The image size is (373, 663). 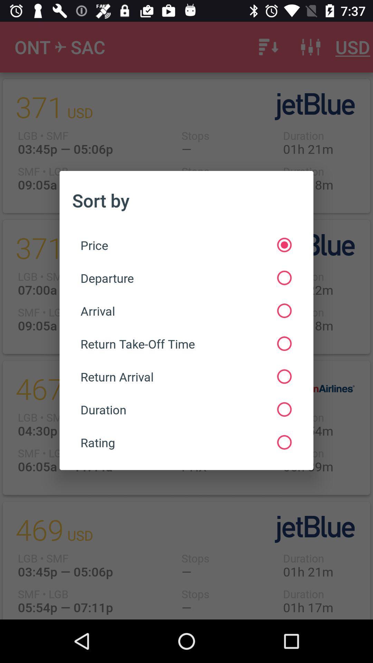 What do you see at coordinates (185, 442) in the screenshot?
I see `the rating at the bottom` at bounding box center [185, 442].